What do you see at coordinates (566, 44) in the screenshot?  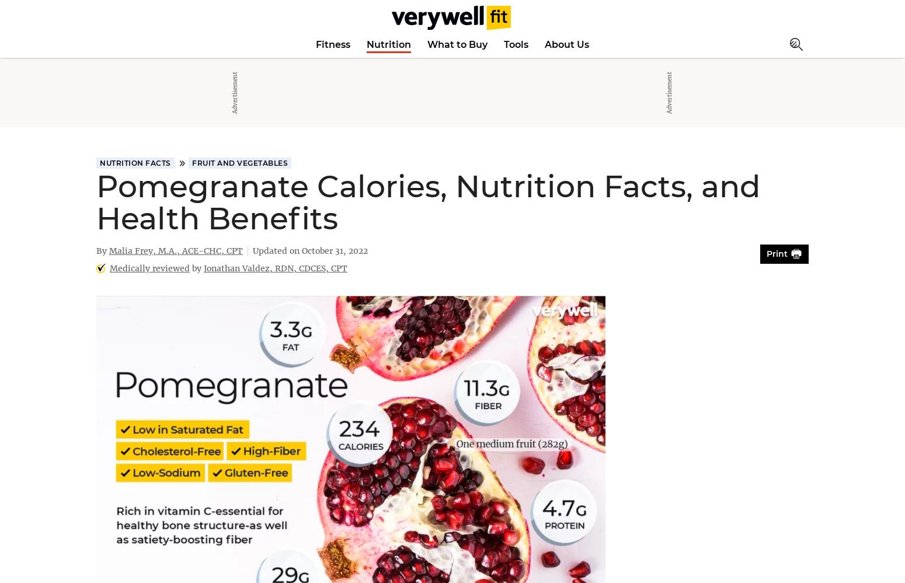 I see `'About Us'` at bounding box center [566, 44].